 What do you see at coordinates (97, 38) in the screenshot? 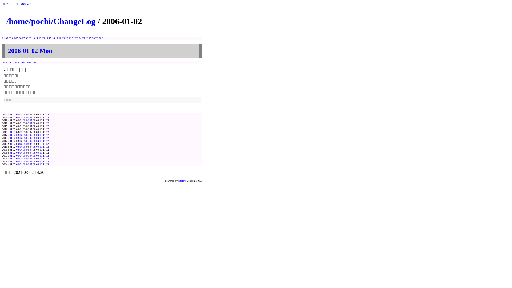
I see `'29'` at bounding box center [97, 38].